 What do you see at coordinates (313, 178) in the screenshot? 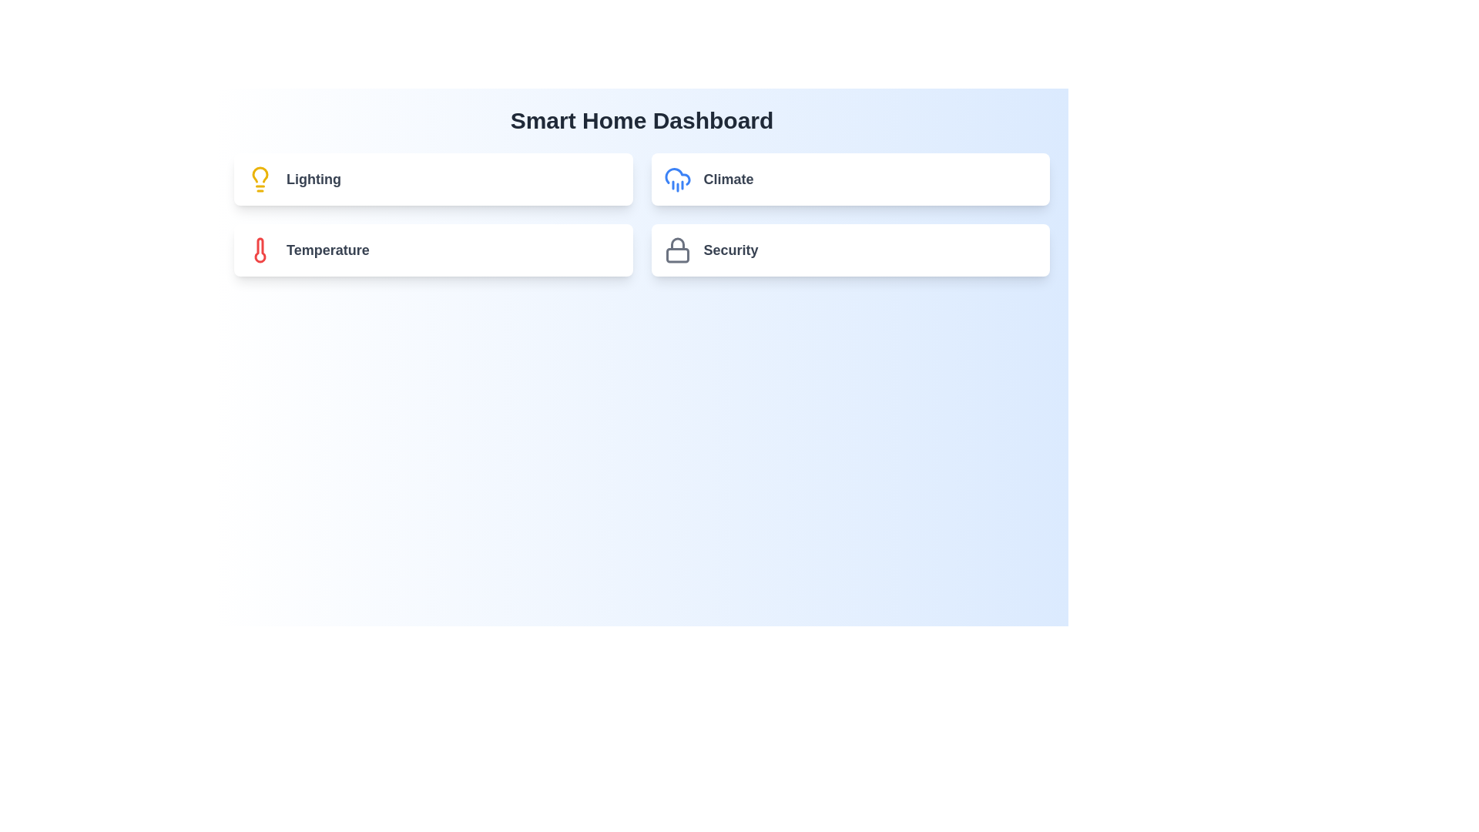
I see `text label 'Lighting' located in the upper left quadrant of the interface, next to the light bulb icon` at bounding box center [313, 178].